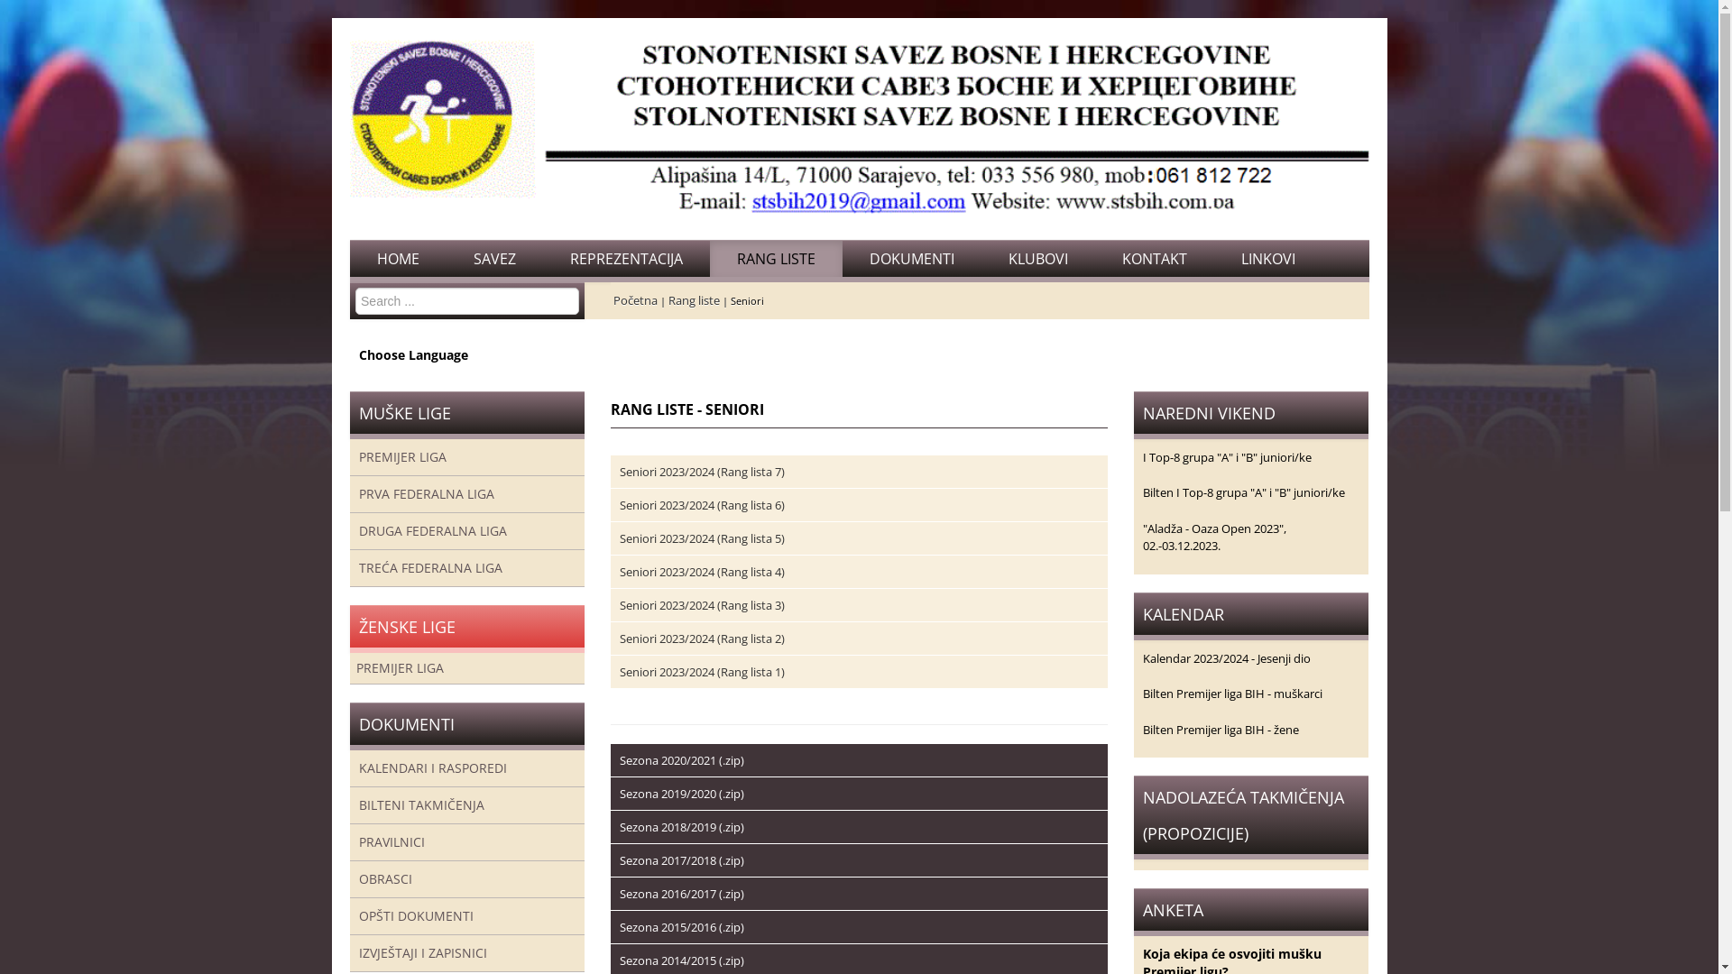 This screenshot has height=974, width=1732. What do you see at coordinates (693, 299) in the screenshot?
I see `'Rang liste'` at bounding box center [693, 299].